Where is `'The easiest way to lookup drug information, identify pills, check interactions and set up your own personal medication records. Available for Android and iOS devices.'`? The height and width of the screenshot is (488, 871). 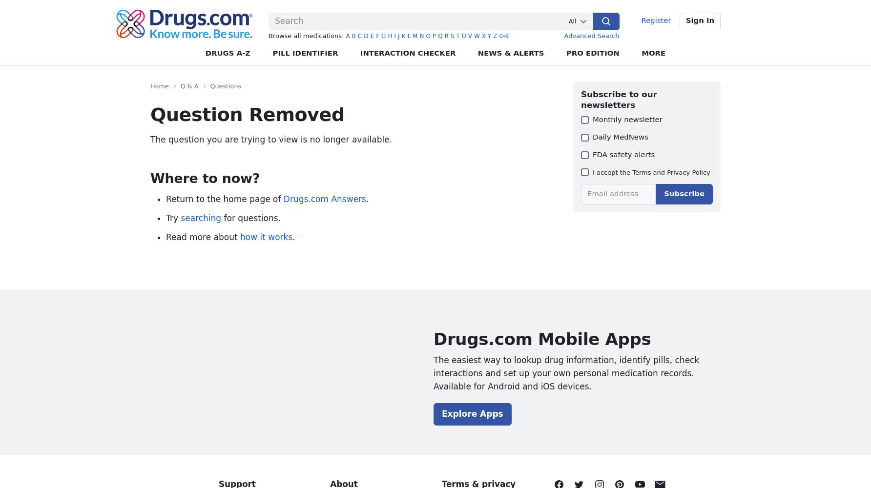
'The easiest way to lookup drug information, identify pills, check interactions and set up your own personal medication records. Available for Android and iOS devices.' is located at coordinates (566, 373).